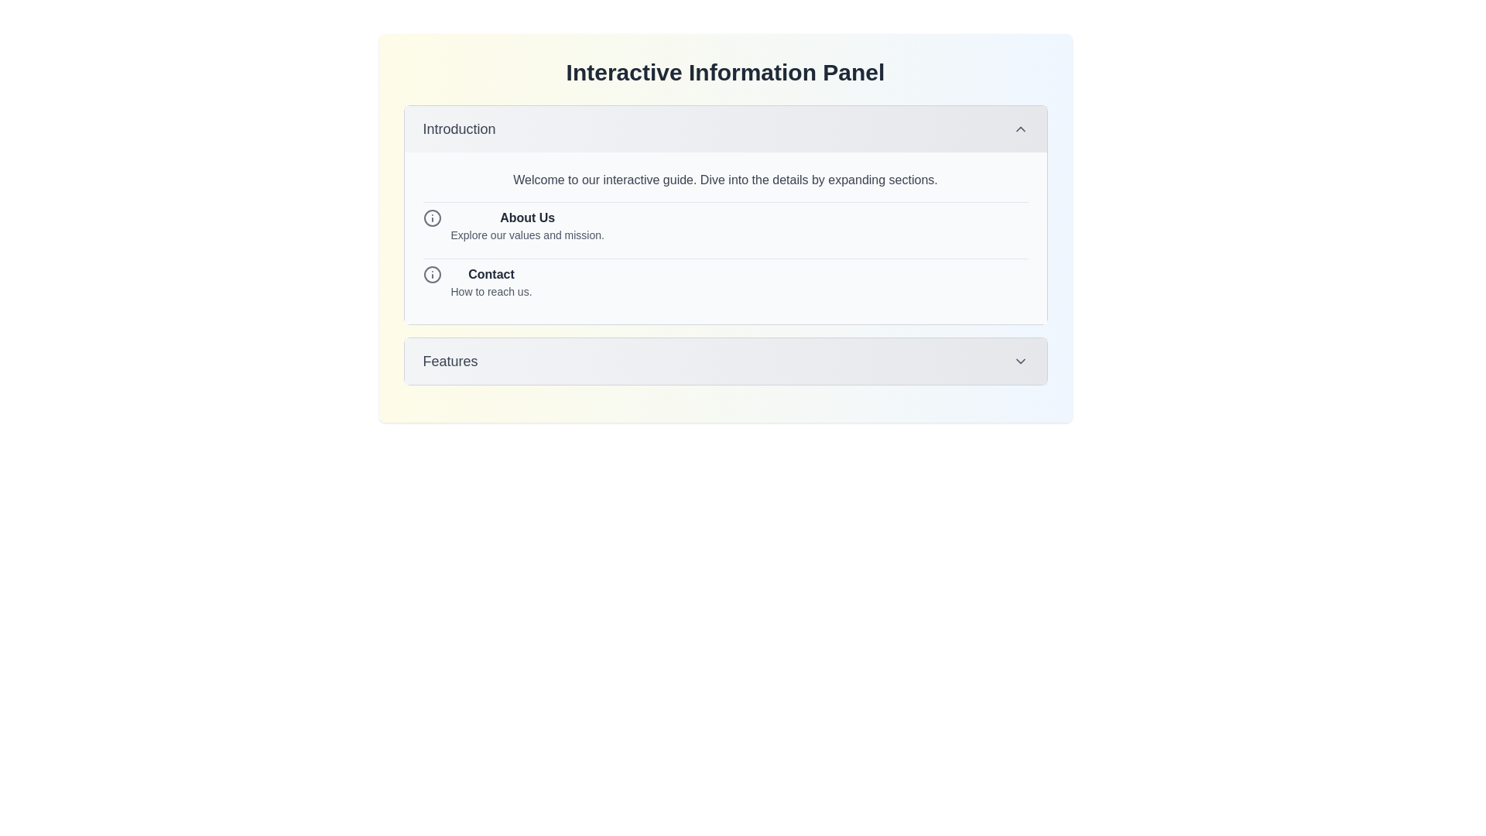 This screenshot has height=836, width=1486. Describe the element at coordinates (449, 361) in the screenshot. I see `the text label 'Features', which is styled in a medium-sized, gray, slightly bold font and is part of the Interactive Information Panel` at that location.